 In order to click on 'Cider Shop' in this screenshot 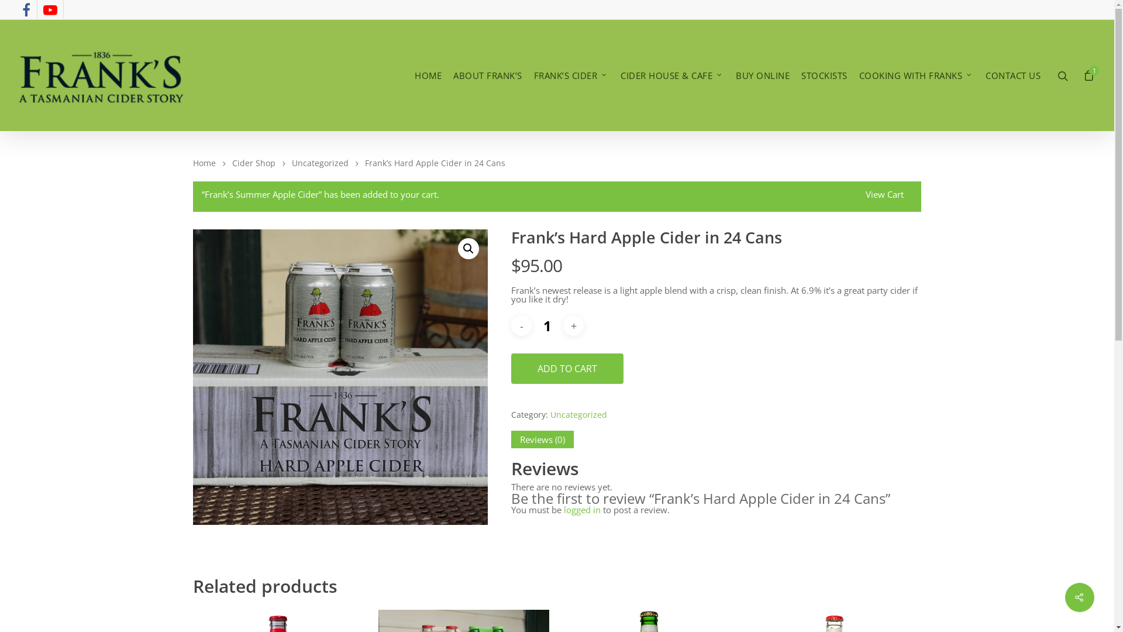, I will do `click(232, 163)`.